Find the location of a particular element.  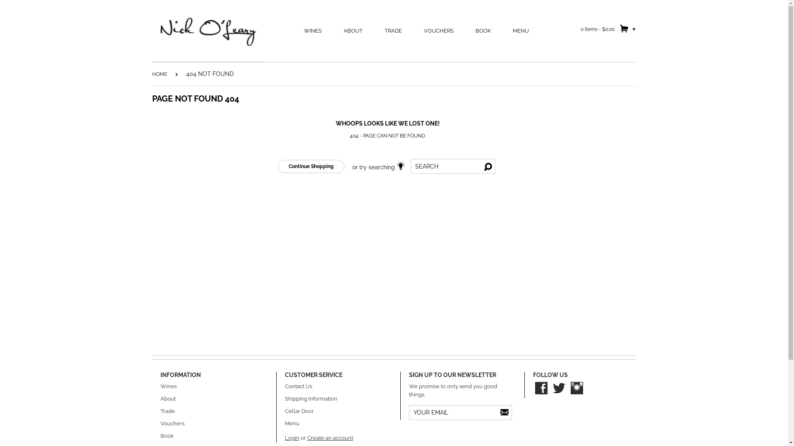

'0 items - $0.00' is located at coordinates (580, 28).